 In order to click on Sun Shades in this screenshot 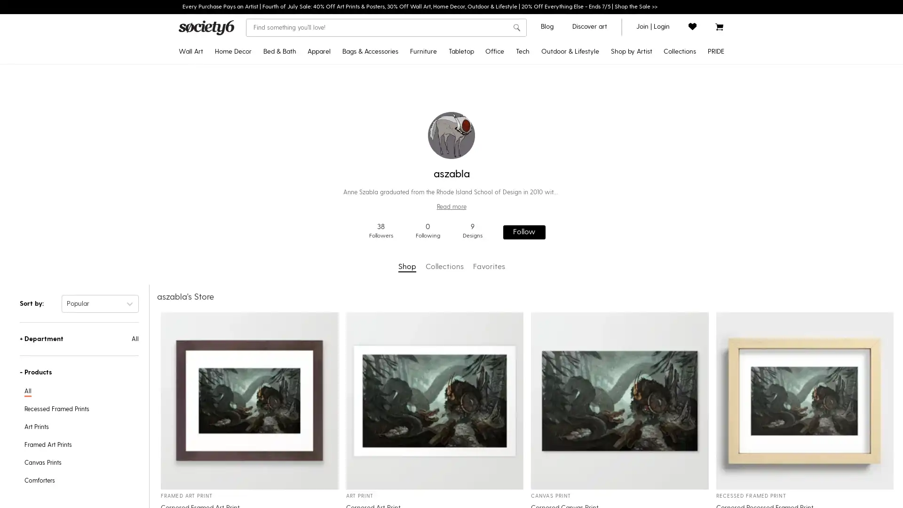, I will do `click(582, 287)`.